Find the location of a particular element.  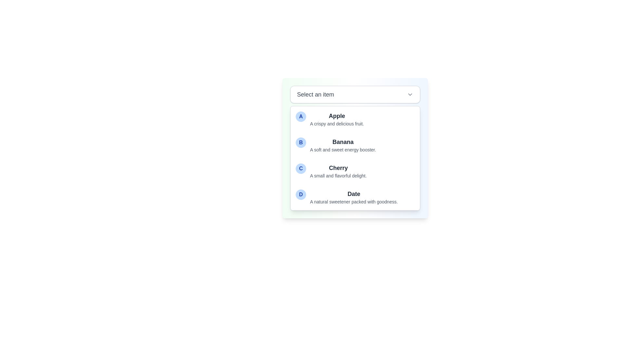

the downward-facing chevron icon (Dropdown indicator) located beside the 'Select an item' text to trigger a visual response is located at coordinates (410, 94).